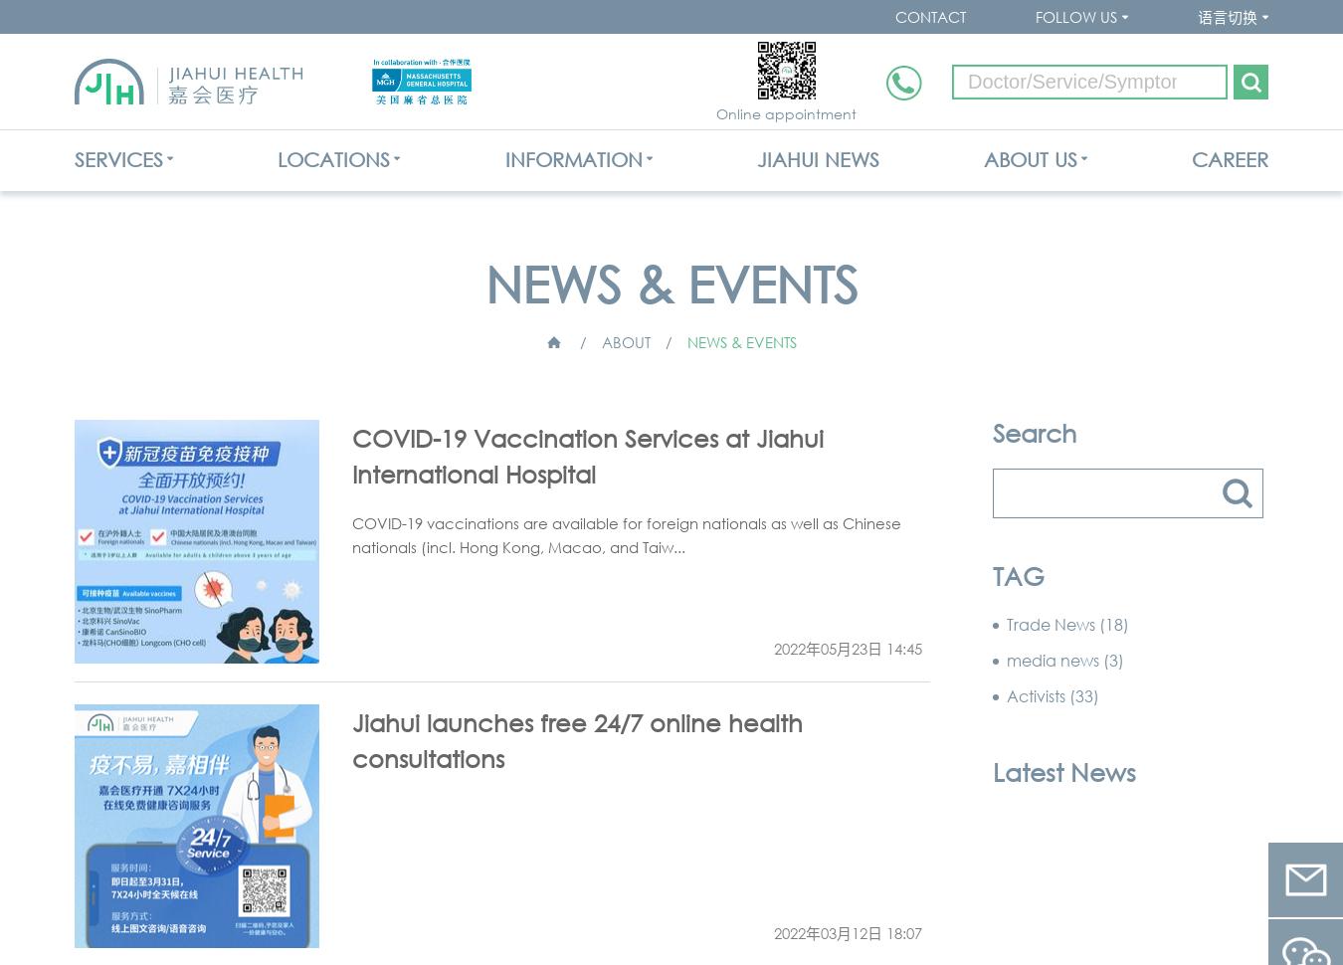 The width and height of the screenshot is (1343, 965). I want to click on 'INFORMATION', so click(573, 158).